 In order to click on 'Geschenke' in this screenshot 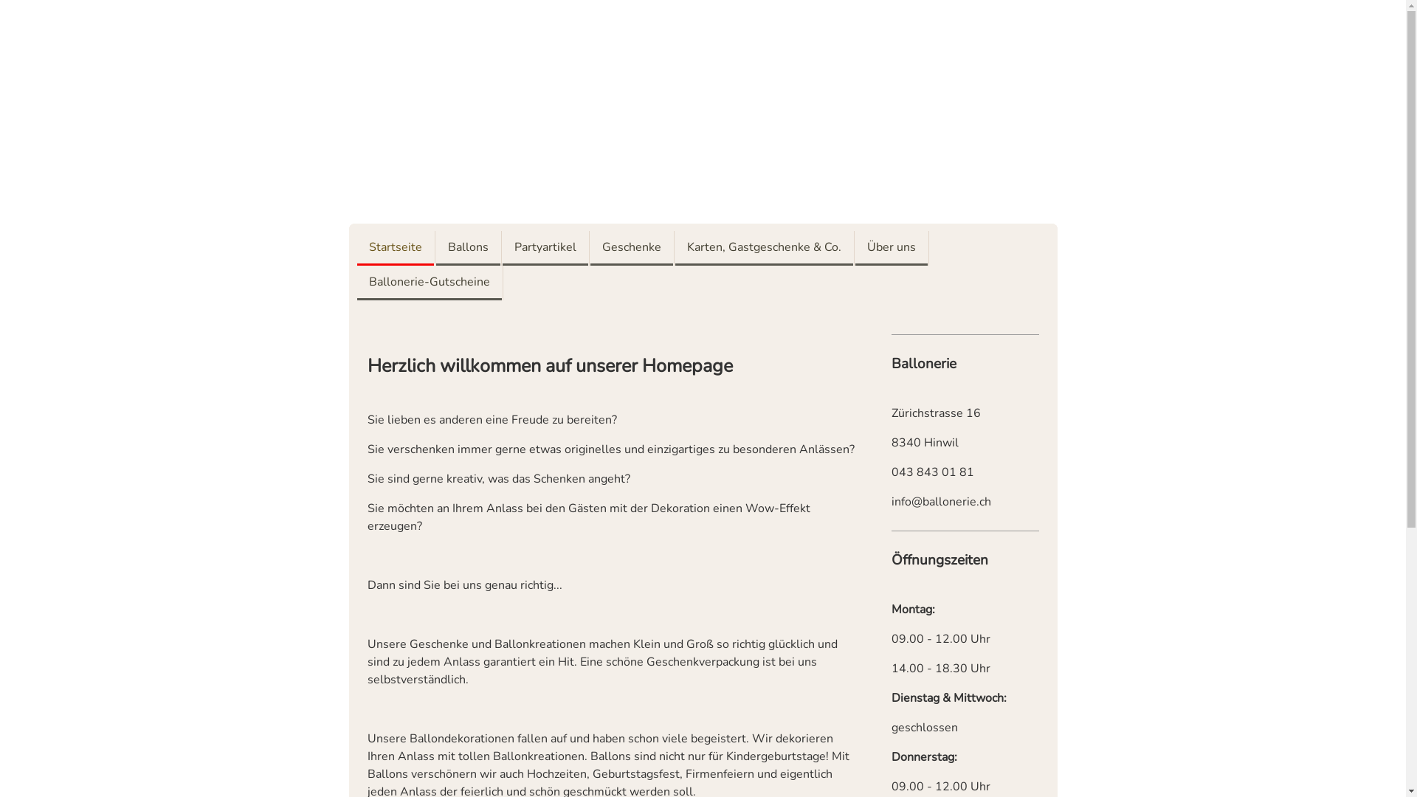, I will do `click(631, 247)`.